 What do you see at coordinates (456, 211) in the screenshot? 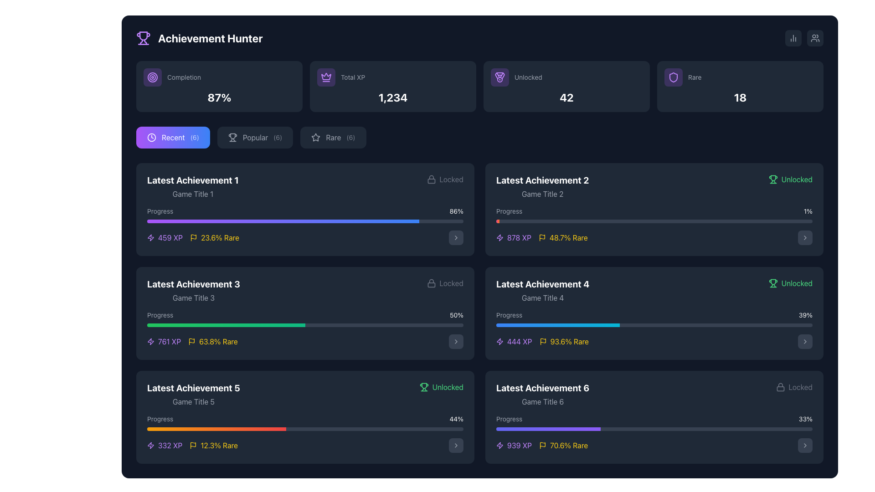
I see `the text label displaying '86%' in white font, located in the 'Latest Achievement 1' section, to the right of the purple progress bar` at bounding box center [456, 211].